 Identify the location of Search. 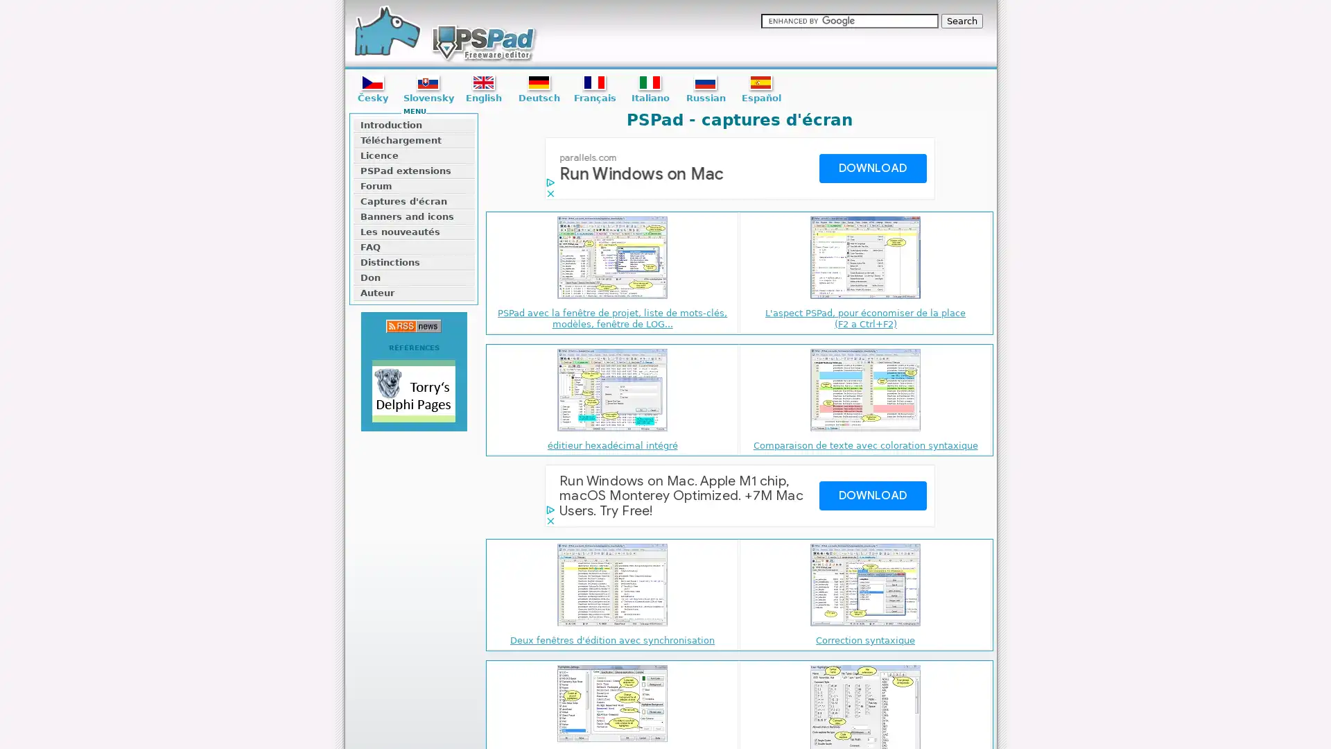
(961, 21).